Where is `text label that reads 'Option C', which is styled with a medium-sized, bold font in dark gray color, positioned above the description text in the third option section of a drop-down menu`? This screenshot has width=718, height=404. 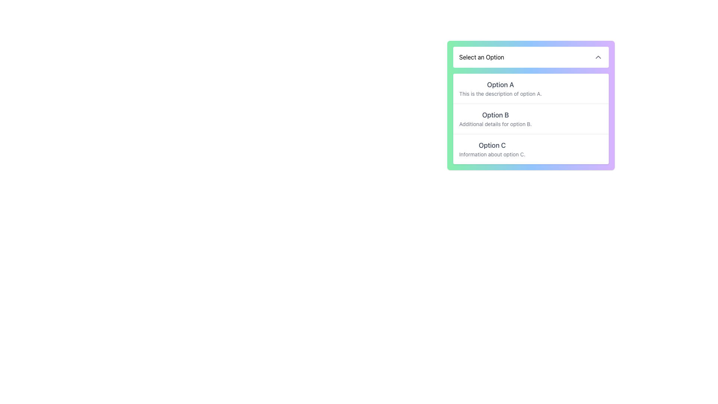 text label that reads 'Option C', which is styled with a medium-sized, bold font in dark gray color, positioned above the description text in the third option section of a drop-down menu is located at coordinates (492, 146).